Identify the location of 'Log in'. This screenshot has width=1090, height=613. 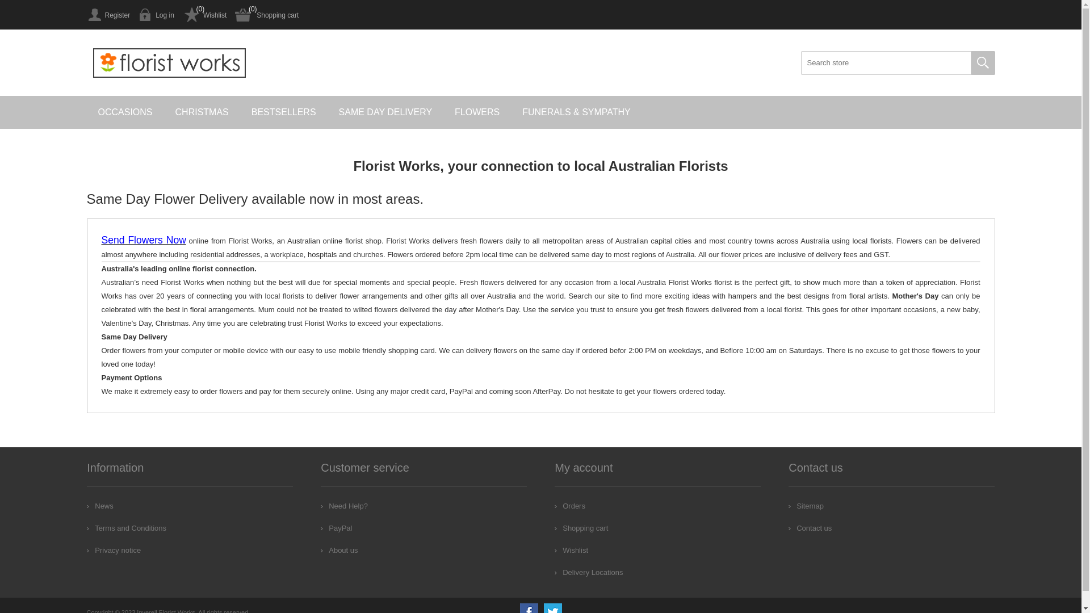
(156, 15).